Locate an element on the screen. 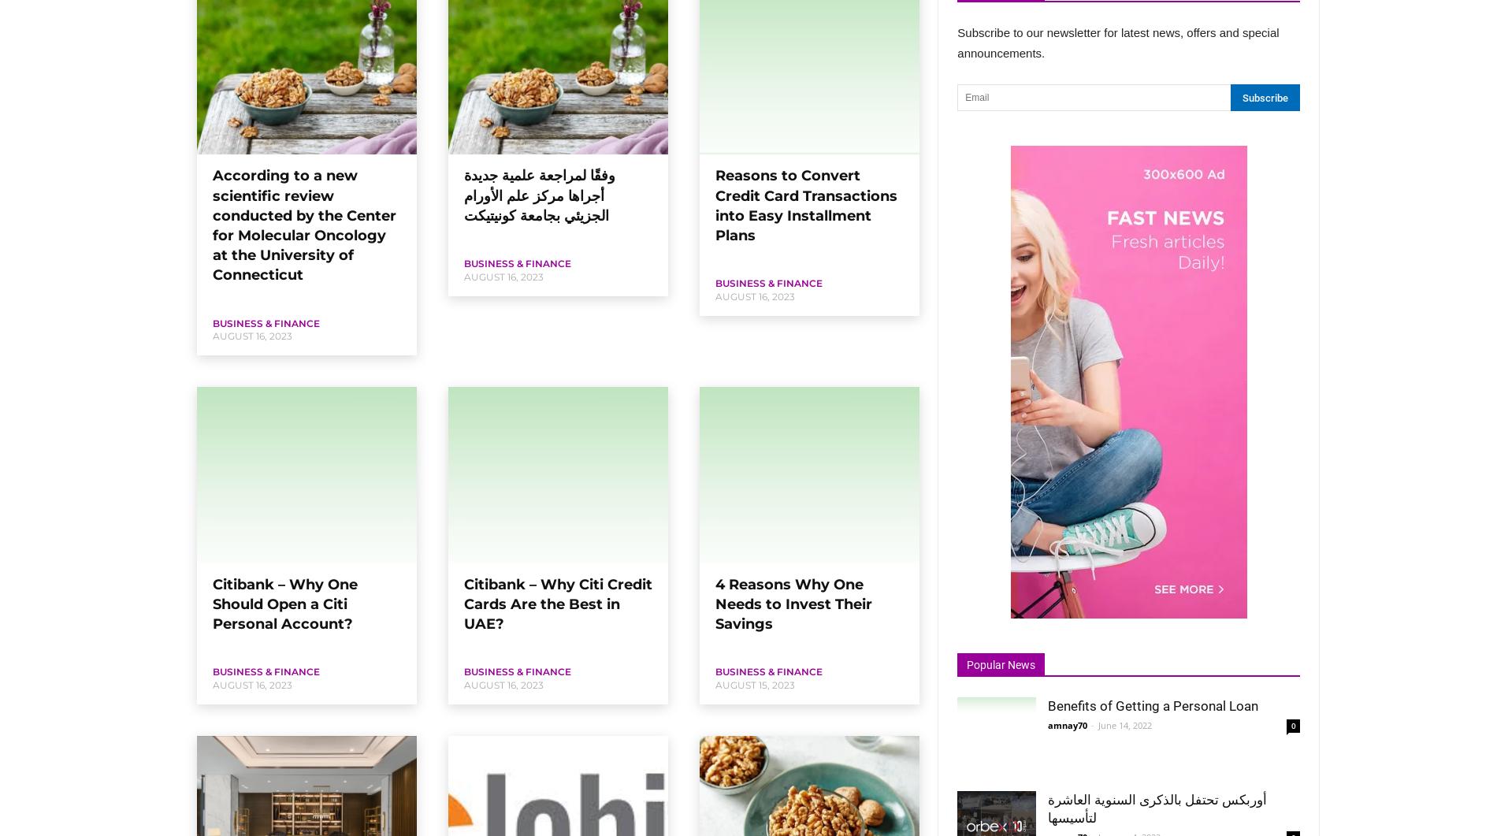  'According to a new scientific review conducted by the Center for Molecular Oncology at the University of Connecticut' is located at coordinates (303, 225).